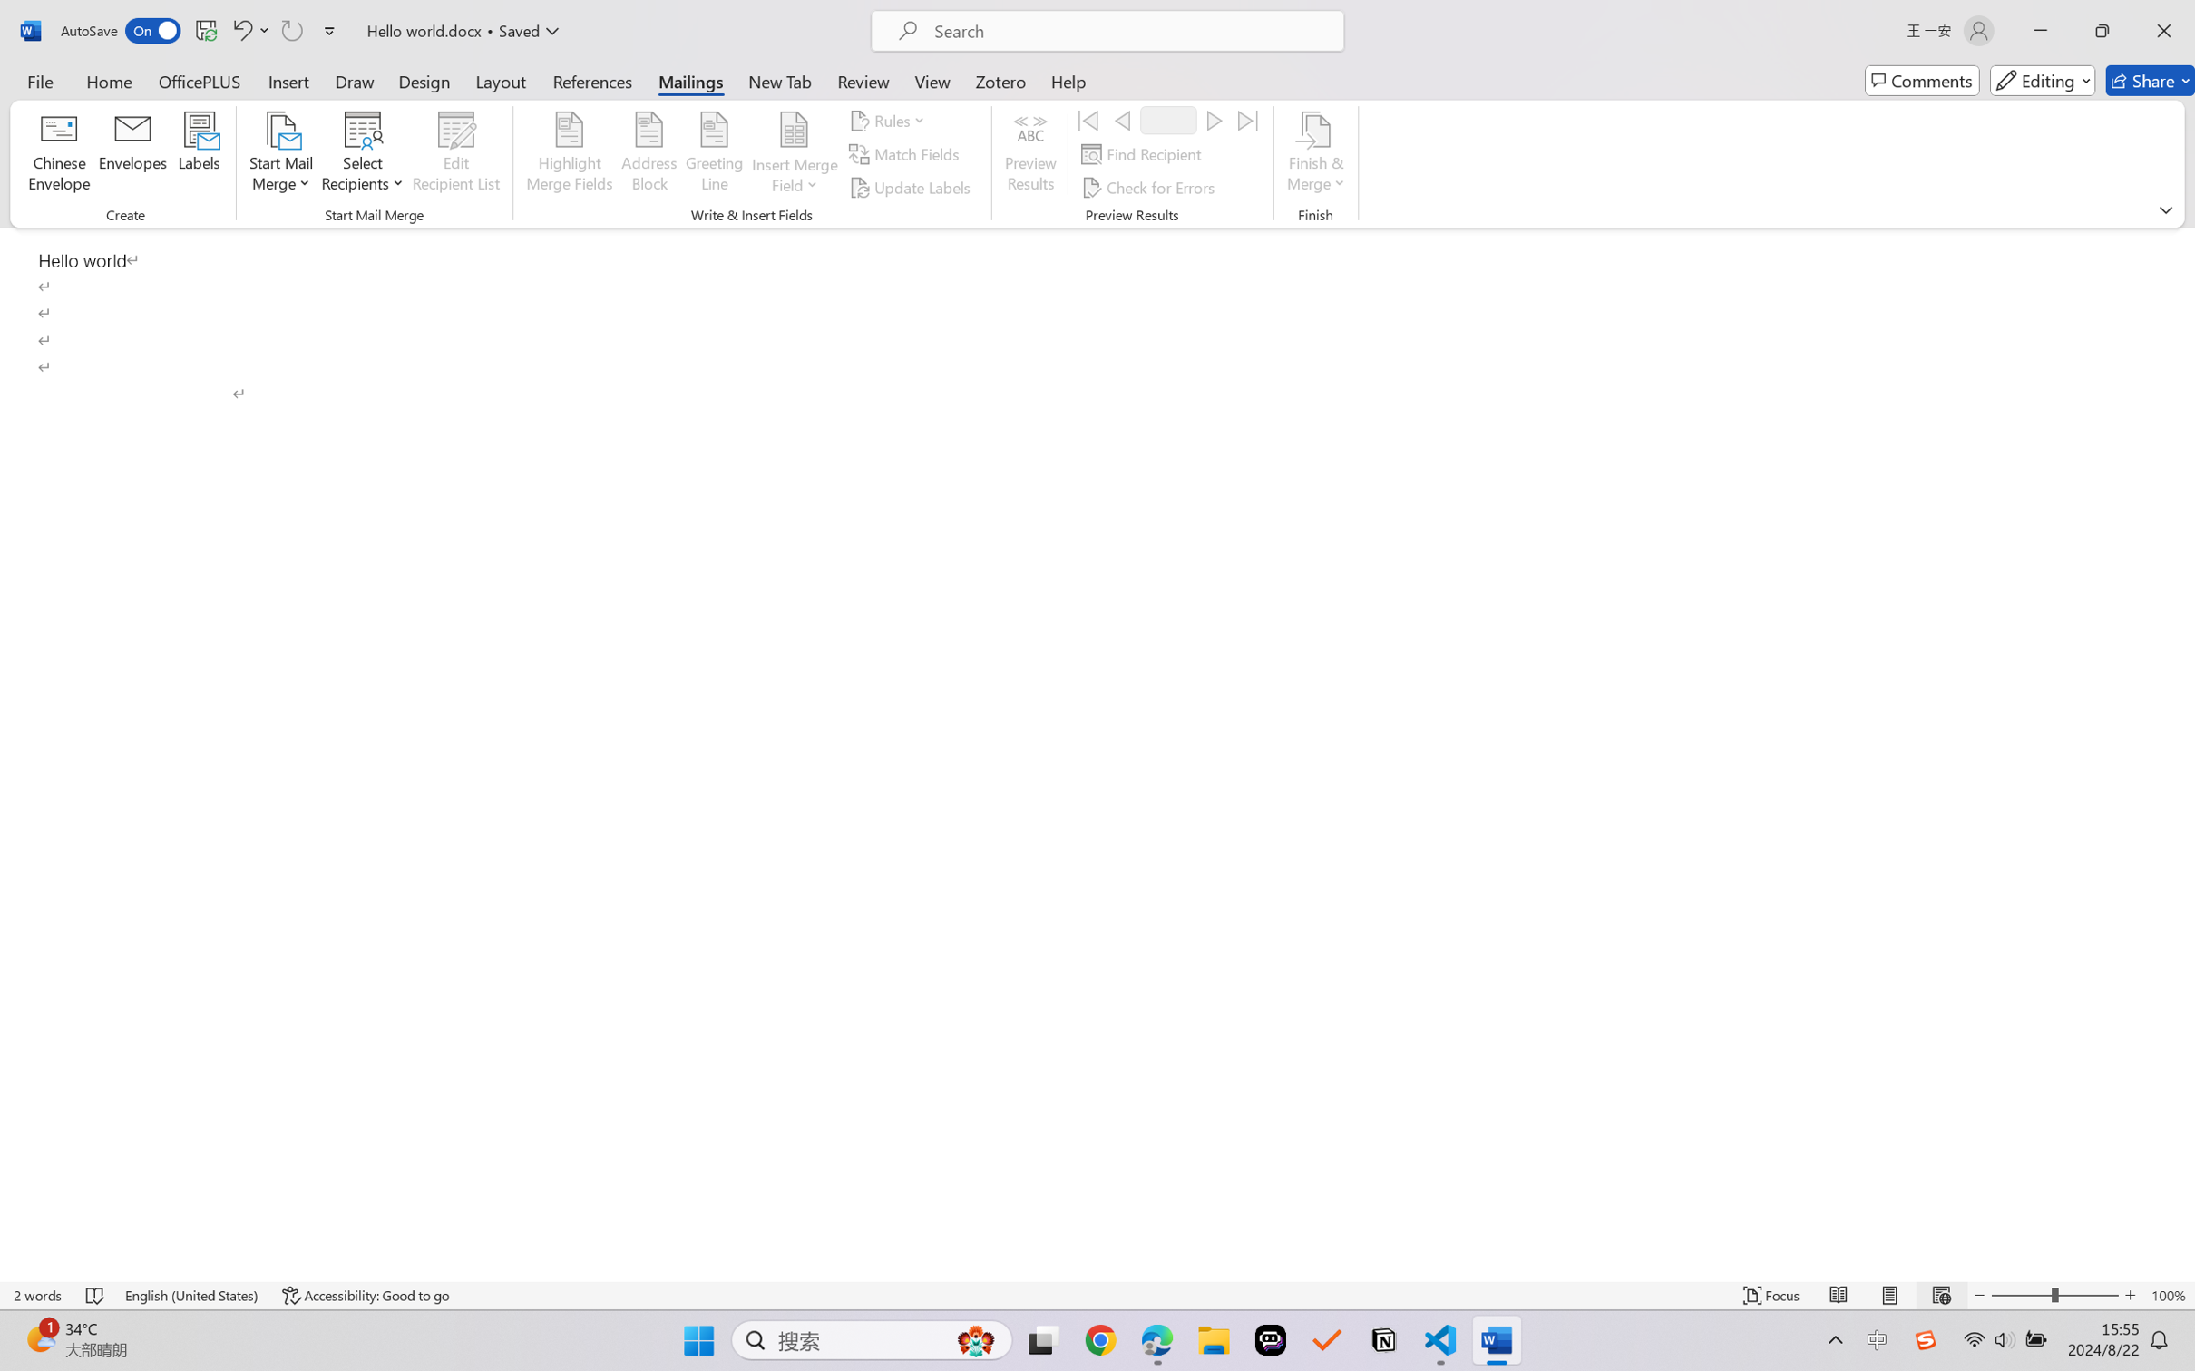  What do you see at coordinates (794, 130) in the screenshot?
I see `'Insert Merge Field'` at bounding box center [794, 130].